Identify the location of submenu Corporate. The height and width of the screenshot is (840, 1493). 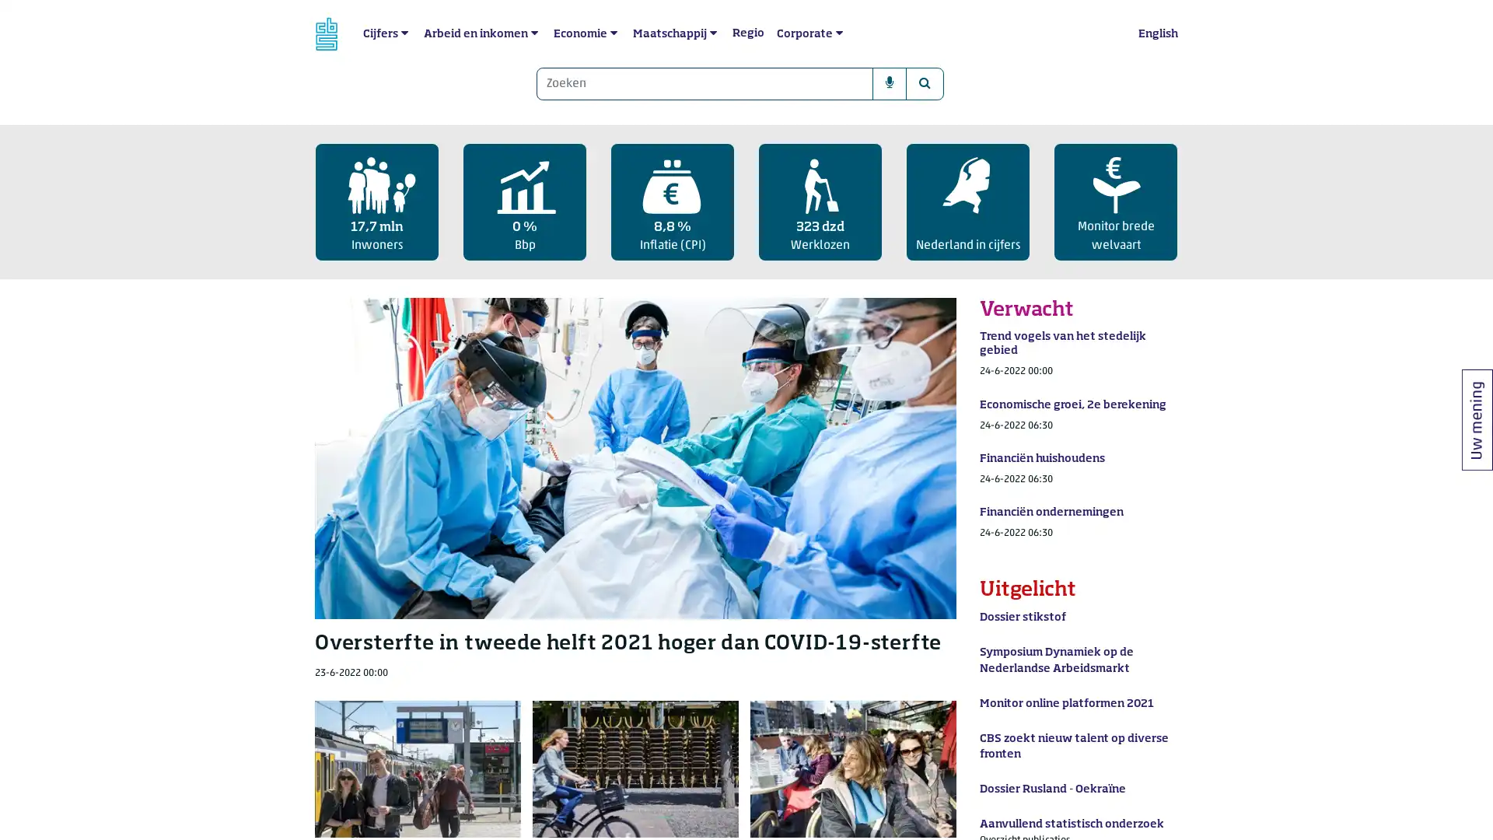
(838, 33).